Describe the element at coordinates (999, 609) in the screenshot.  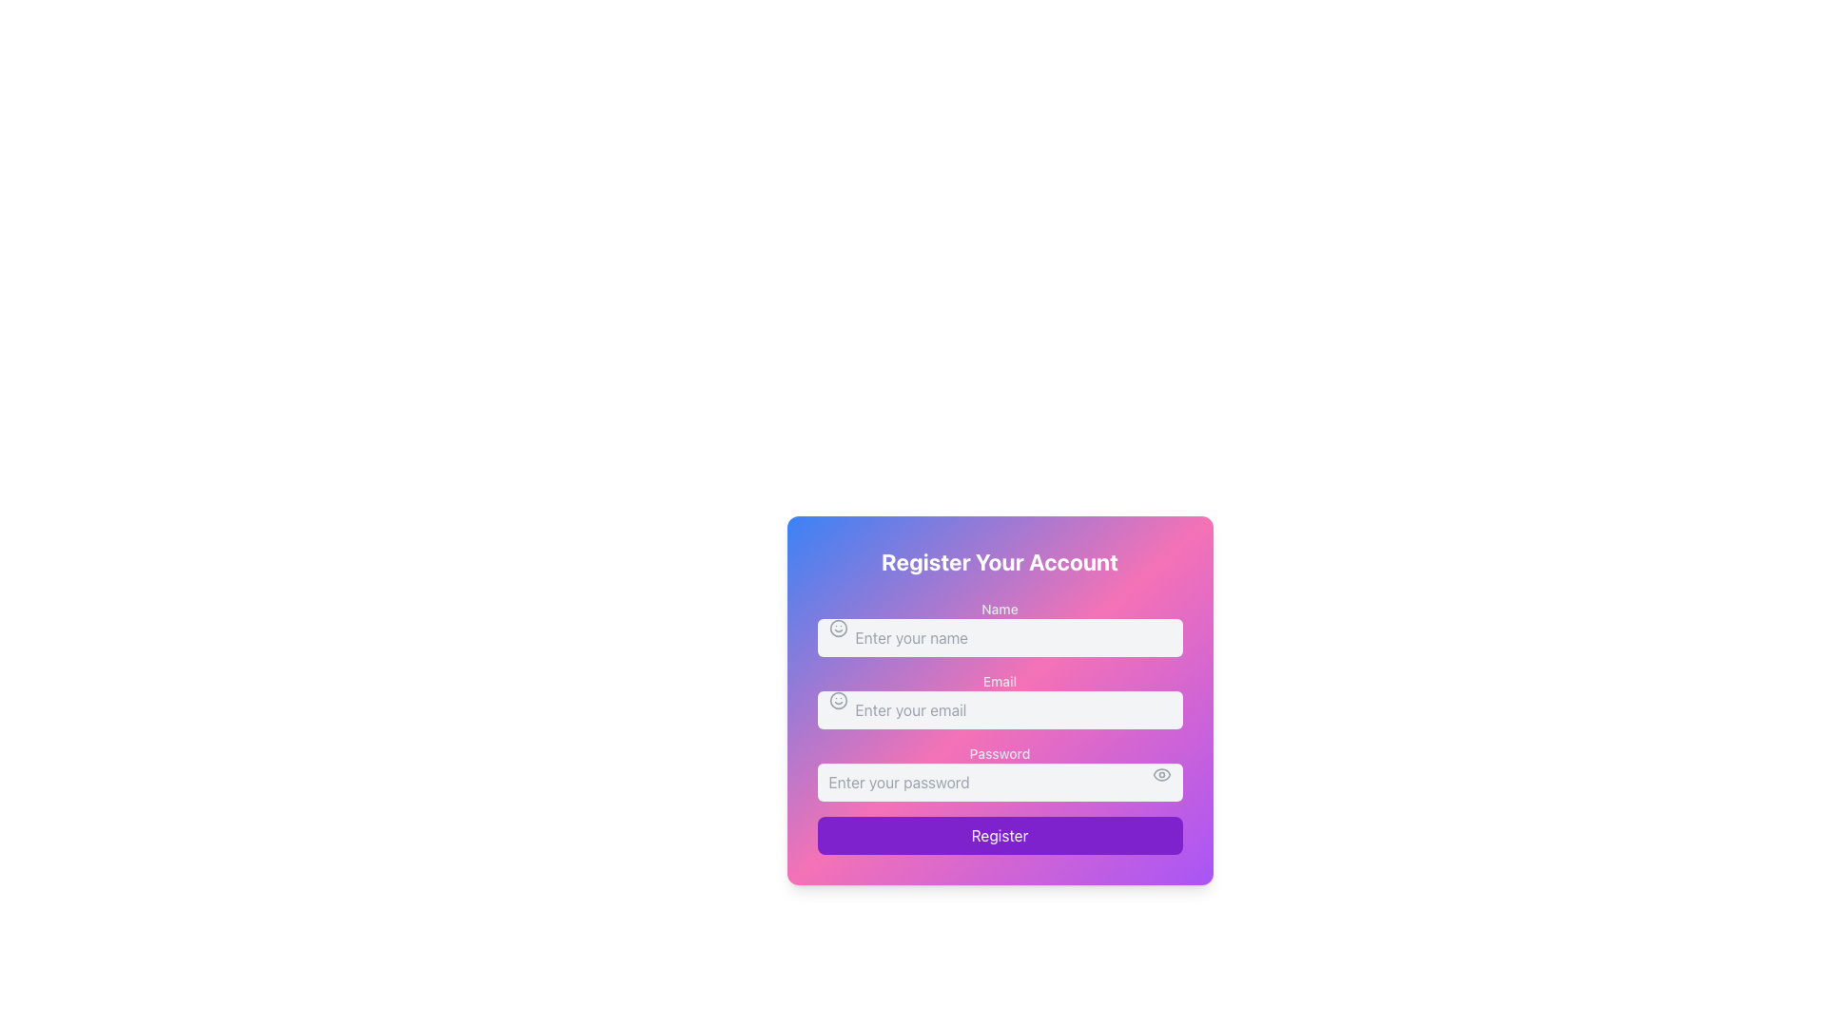
I see `the 'Name' label in the registration form, which is a small light gray text element located above the text input field for entering the name` at that location.